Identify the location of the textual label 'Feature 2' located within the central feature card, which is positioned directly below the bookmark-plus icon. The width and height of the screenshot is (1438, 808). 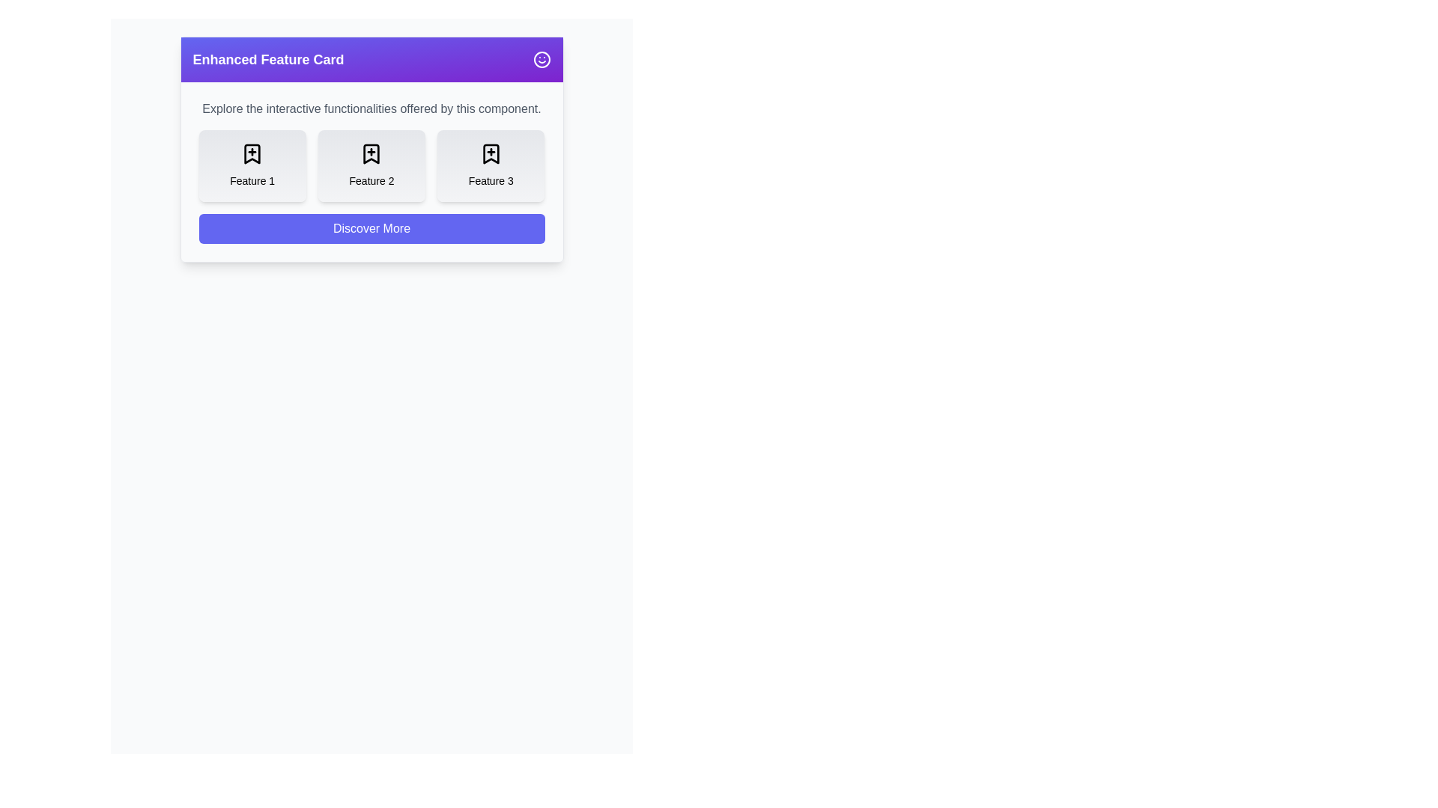
(371, 180).